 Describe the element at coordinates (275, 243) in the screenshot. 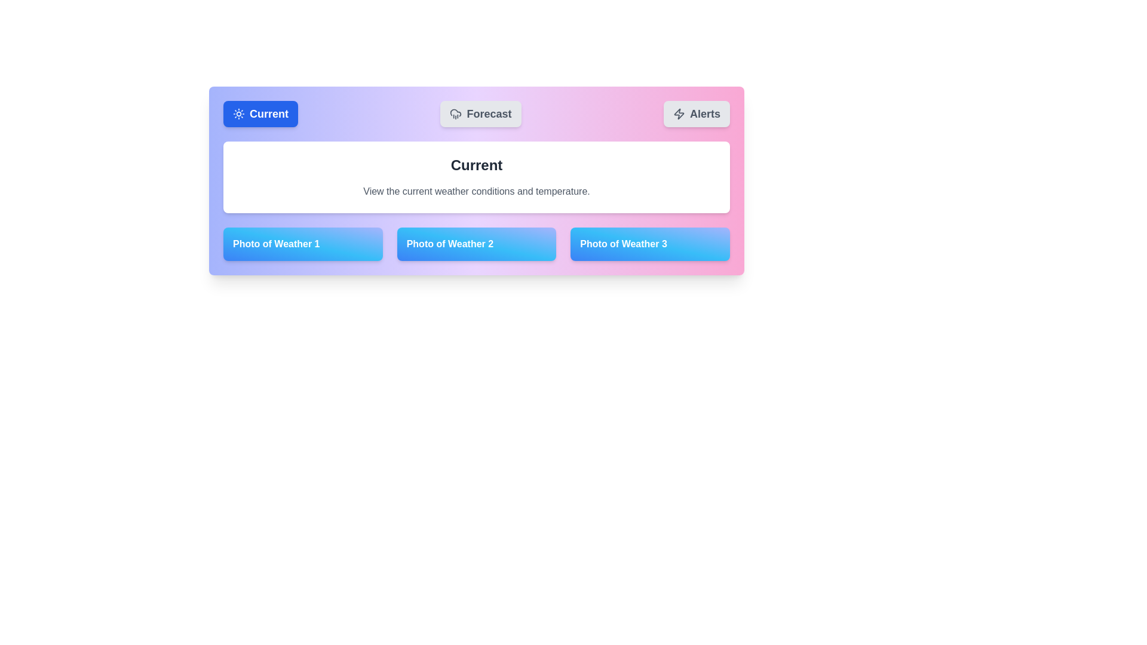

I see `text label that categorizes the content as 'Weather 1', located in the first panel beneath the 'Current' section` at that location.